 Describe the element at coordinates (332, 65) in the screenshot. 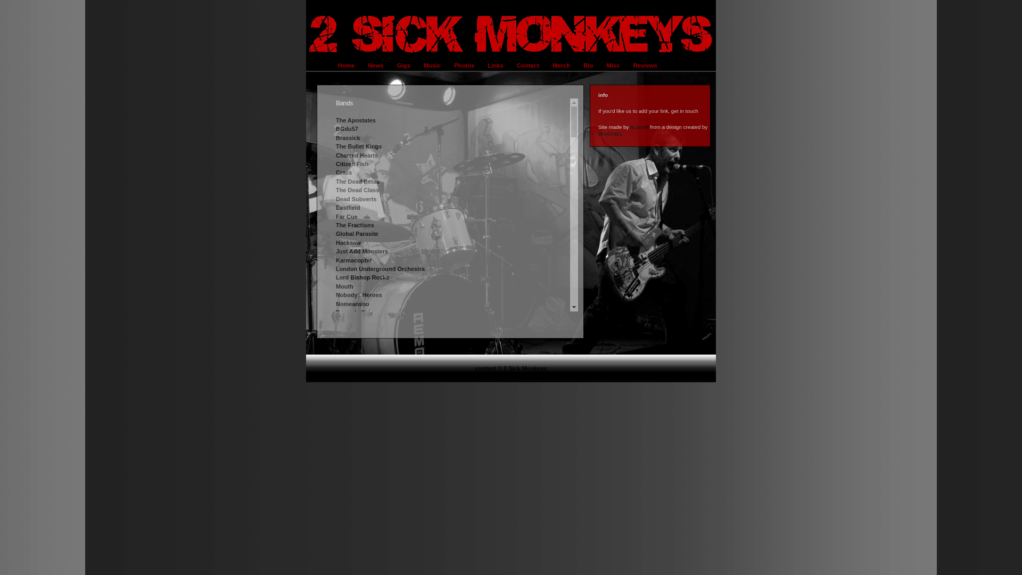

I see `'Home'` at that location.